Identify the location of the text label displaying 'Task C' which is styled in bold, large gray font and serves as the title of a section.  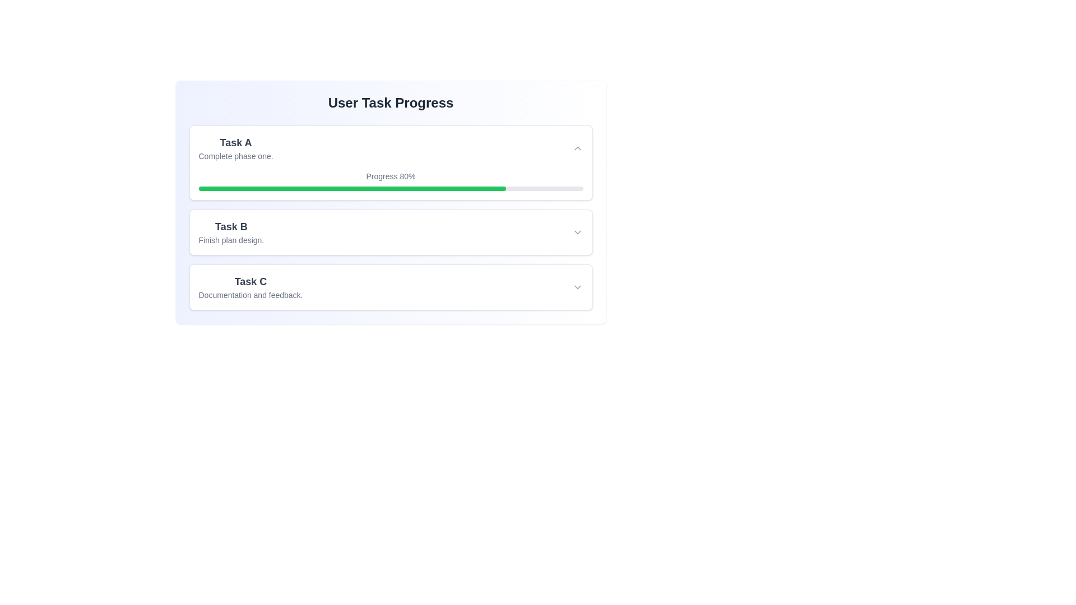
(250, 281).